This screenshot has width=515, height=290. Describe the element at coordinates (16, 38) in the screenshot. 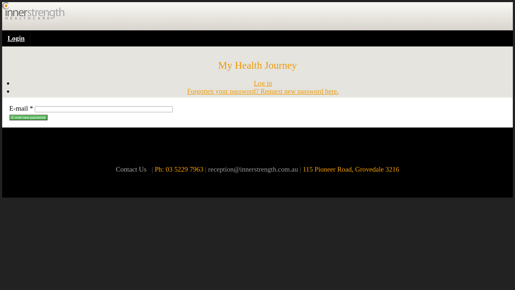

I see `'Login'` at that location.